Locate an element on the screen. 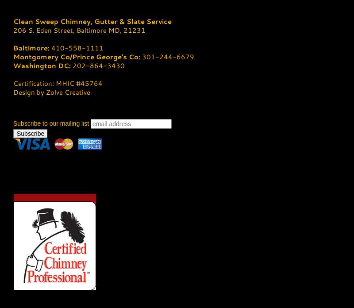  '410-558-1111' is located at coordinates (77, 47).